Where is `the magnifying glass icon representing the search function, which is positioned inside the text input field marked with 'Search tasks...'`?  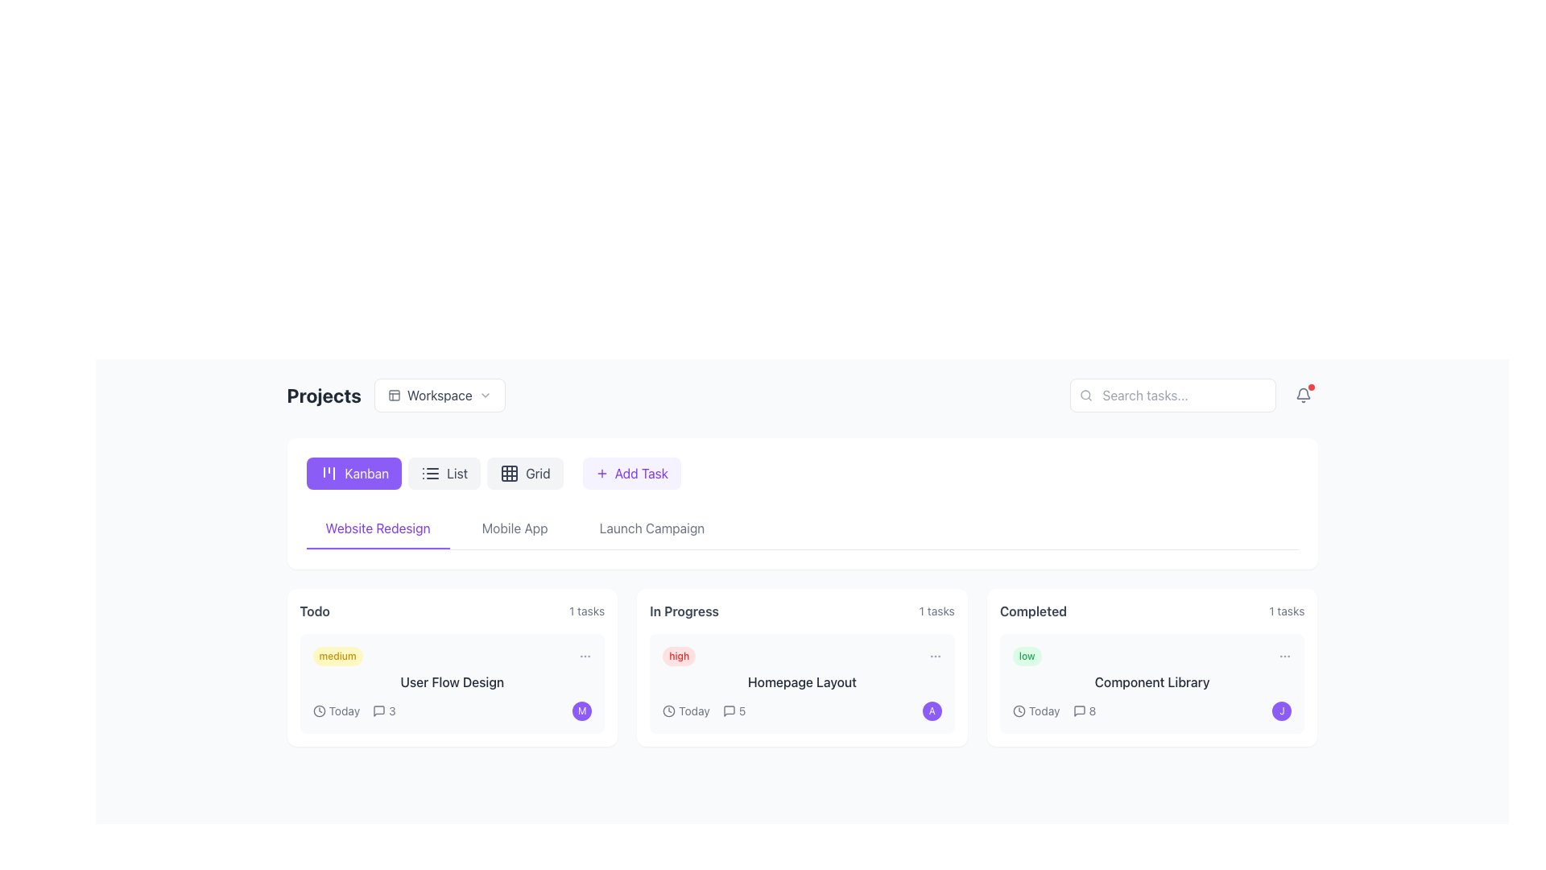
the magnifying glass icon representing the search function, which is positioned inside the text input field marked with 'Search tasks...' is located at coordinates (1085, 395).